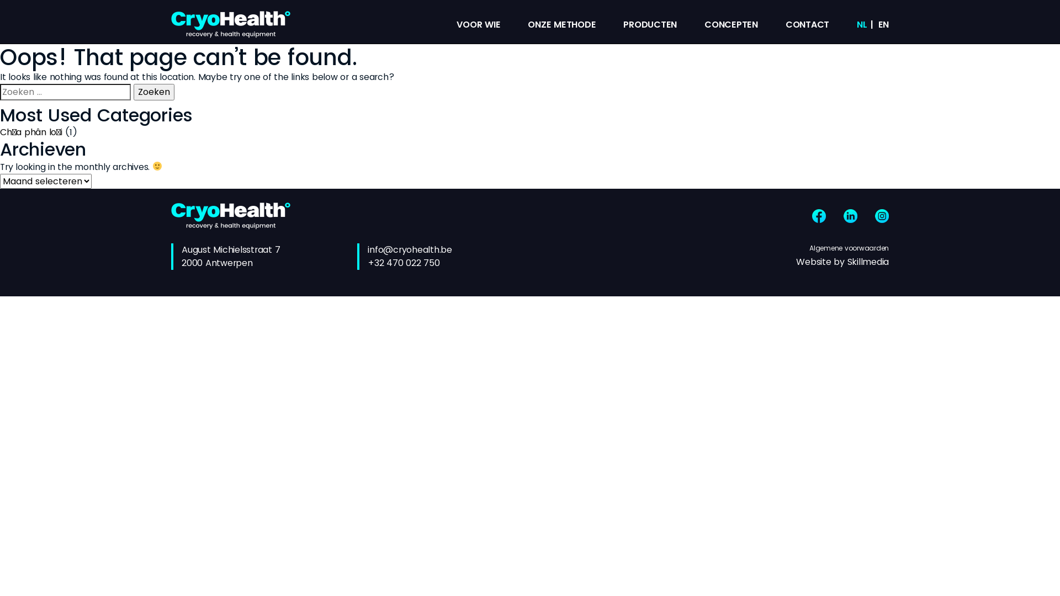 This screenshot has height=596, width=1060. Describe the element at coordinates (409, 249) in the screenshot. I see `'info@cryohealth.be'` at that location.